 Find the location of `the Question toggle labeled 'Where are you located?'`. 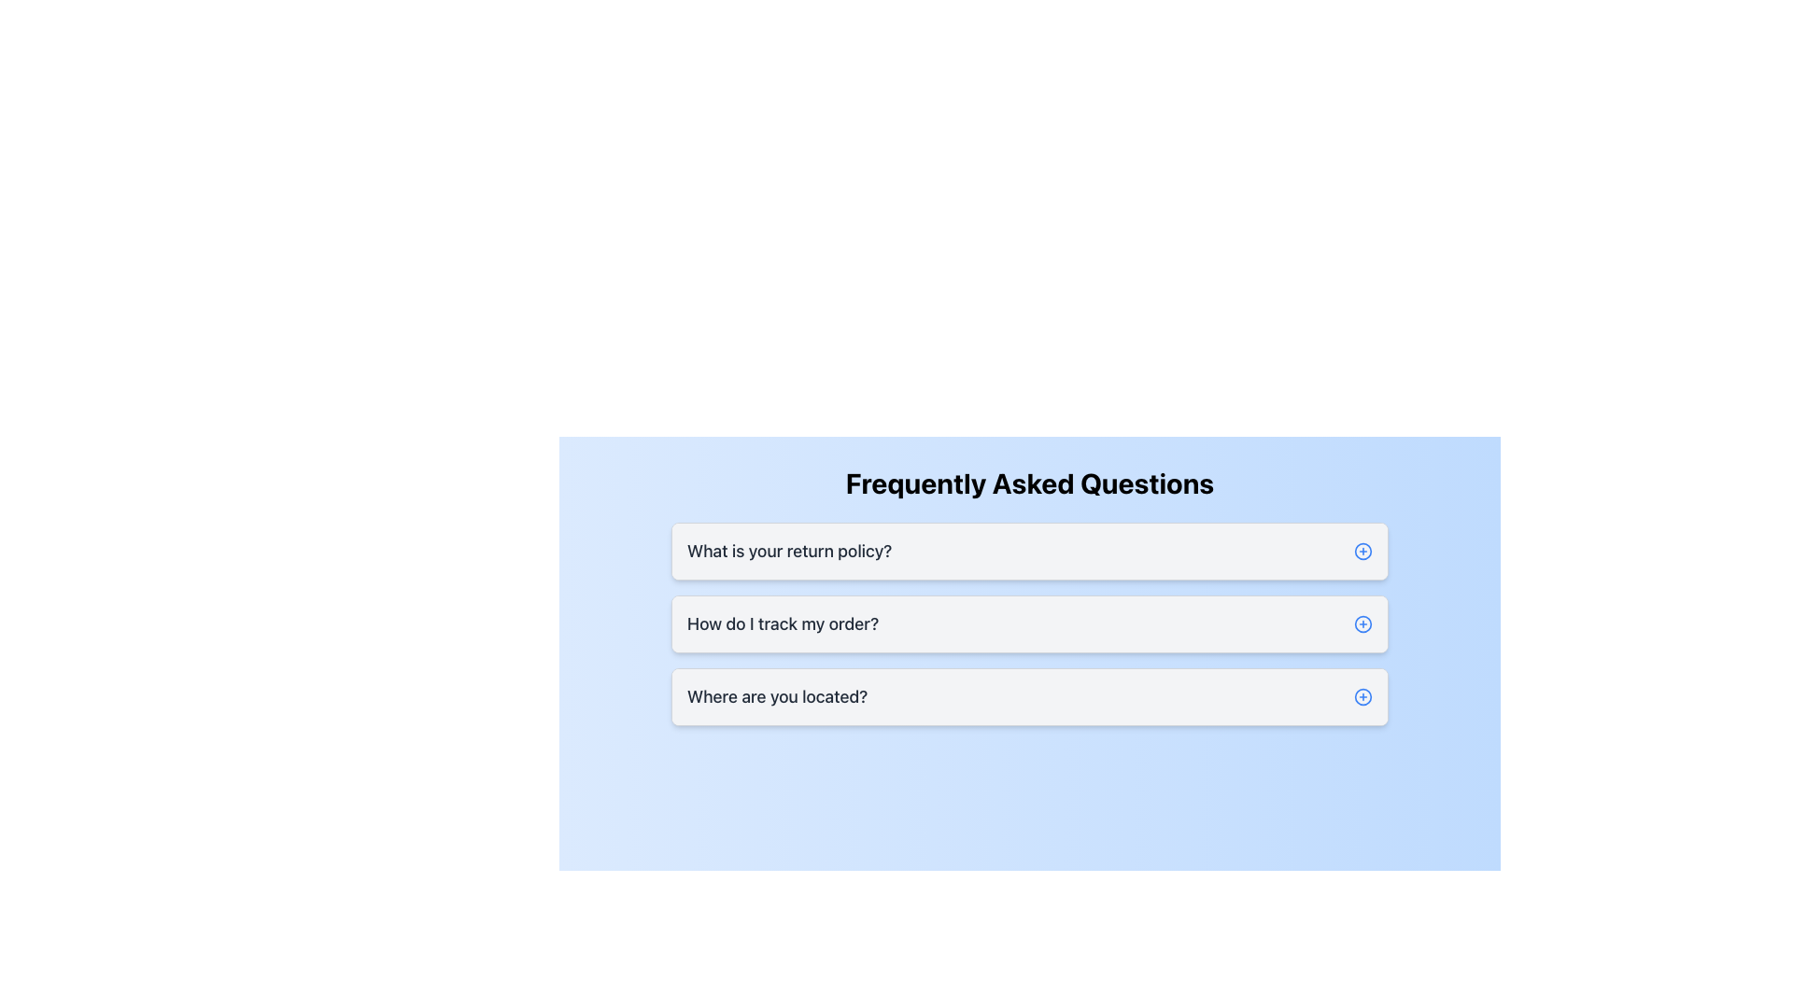

the Question toggle labeled 'Where are you located?' is located at coordinates (1029, 697).